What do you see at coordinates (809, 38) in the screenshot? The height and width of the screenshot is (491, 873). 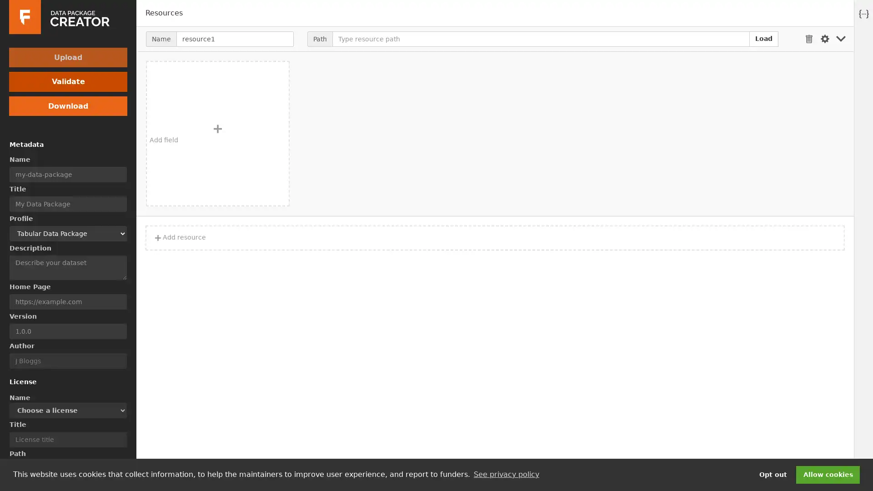 I see `Remove` at bounding box center [809, 38].